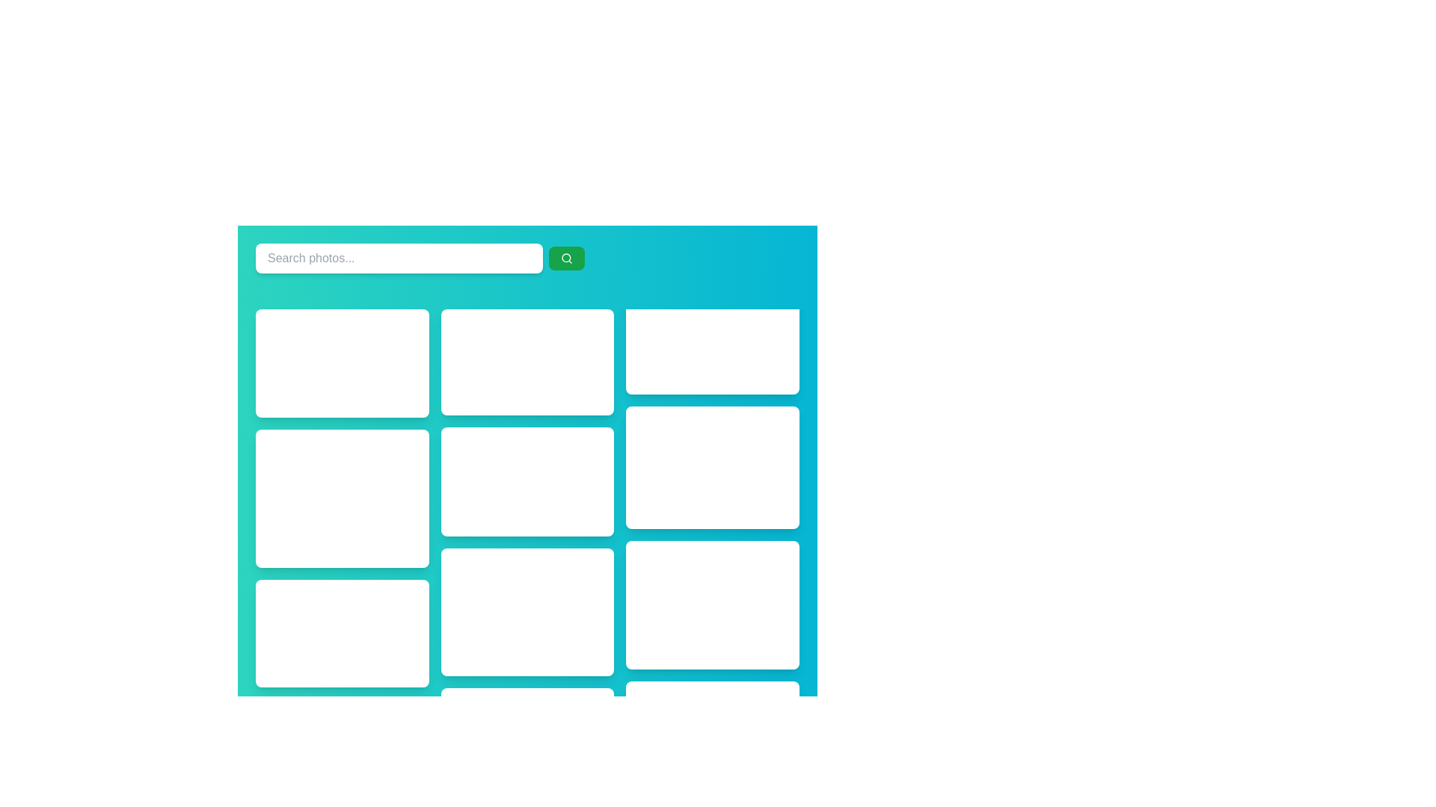  What do you see at coordinates (712, 605) in the screenshot?
I see `the Image card labeled 'Photo 11', which is a rectangular card with a white background and slightly rounded corners, located in the third column and fourth row of the grid layout` at bounding box center [712, 605].